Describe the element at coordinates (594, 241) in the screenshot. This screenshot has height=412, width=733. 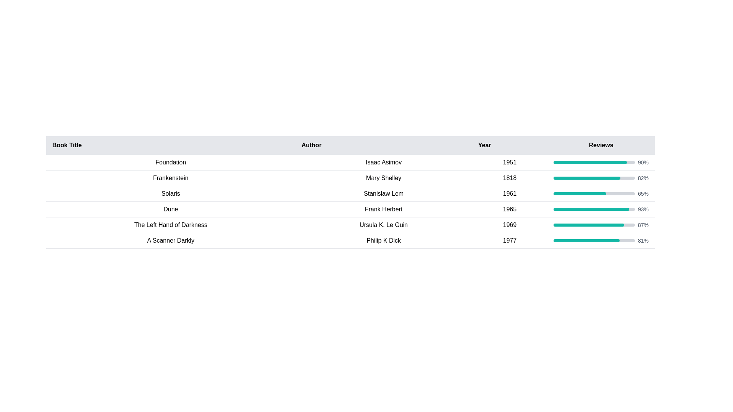
I see `the progress represented by the teal section of the progress bar located in the 'Reviews' column for the book titled 'A Scanner Darkly'` at that location.